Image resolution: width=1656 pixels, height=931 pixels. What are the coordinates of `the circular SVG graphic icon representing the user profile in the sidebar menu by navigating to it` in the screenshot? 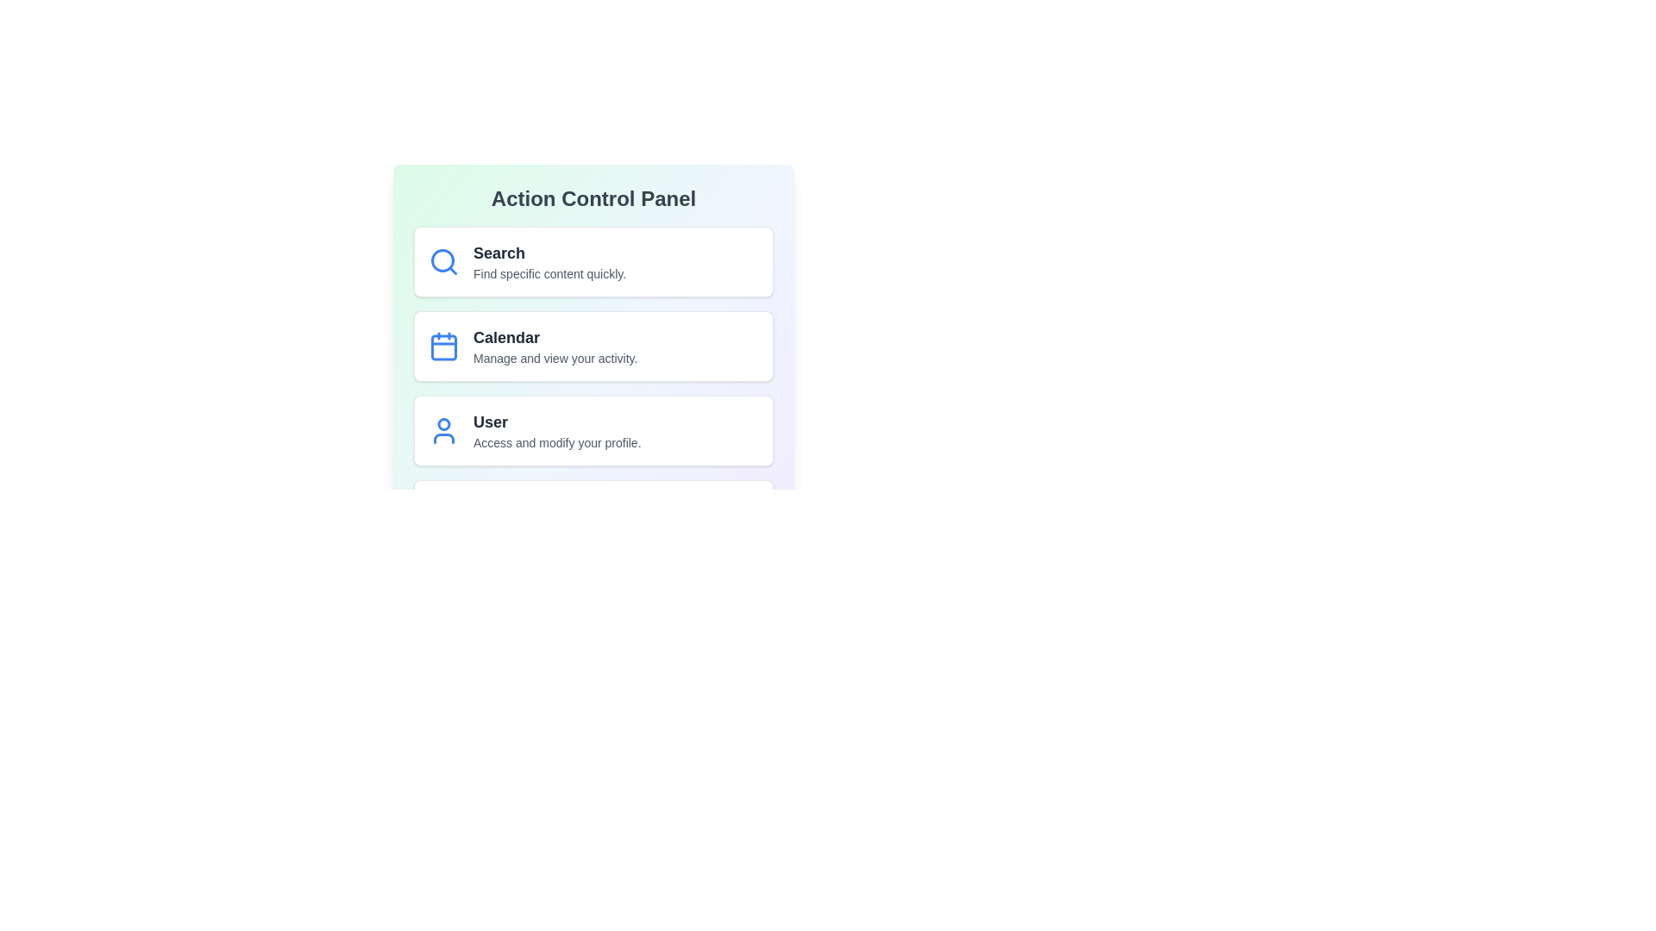 It's located at (443, 424).